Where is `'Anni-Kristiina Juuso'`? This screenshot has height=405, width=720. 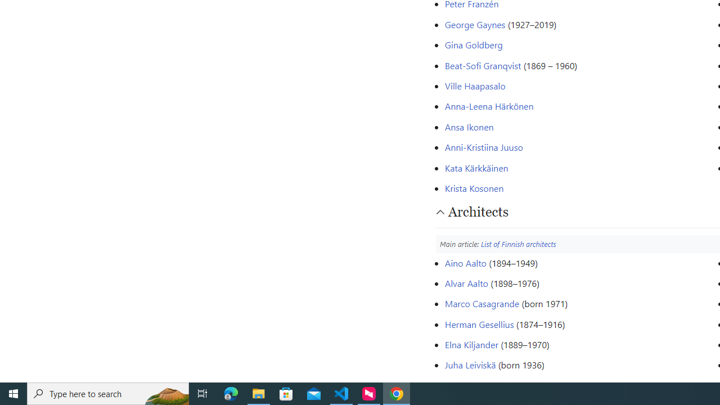 'Anni-Kristiina Juuso' is located at coordinates (484, 147).